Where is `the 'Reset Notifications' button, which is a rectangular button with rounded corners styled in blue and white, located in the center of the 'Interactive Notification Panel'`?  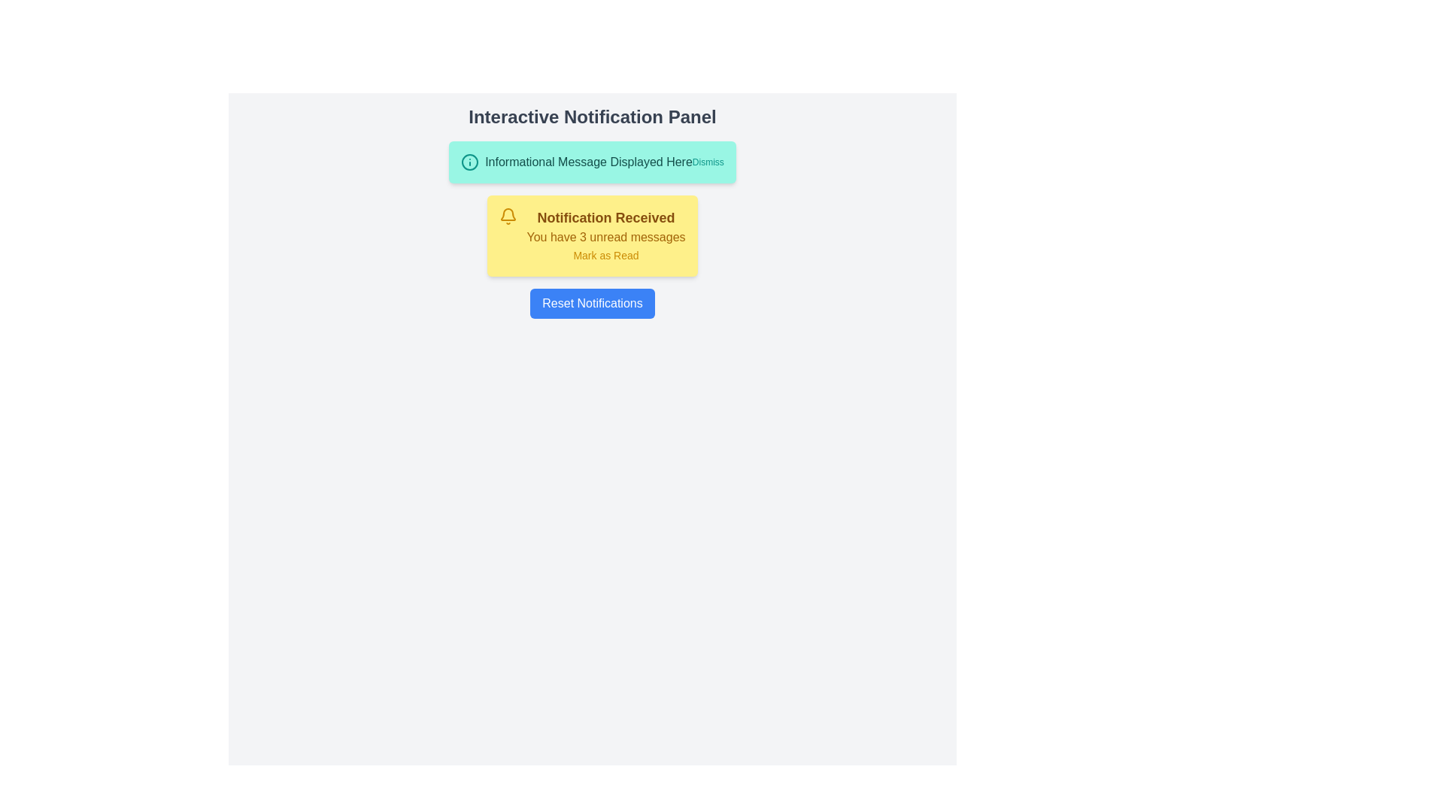 the 'Reset Notifications' button, which is a rectangular button with rounded corners styled in blue and white, located in the center of the 'Interactive Notification Panel' is located at coordinates (591, 304).